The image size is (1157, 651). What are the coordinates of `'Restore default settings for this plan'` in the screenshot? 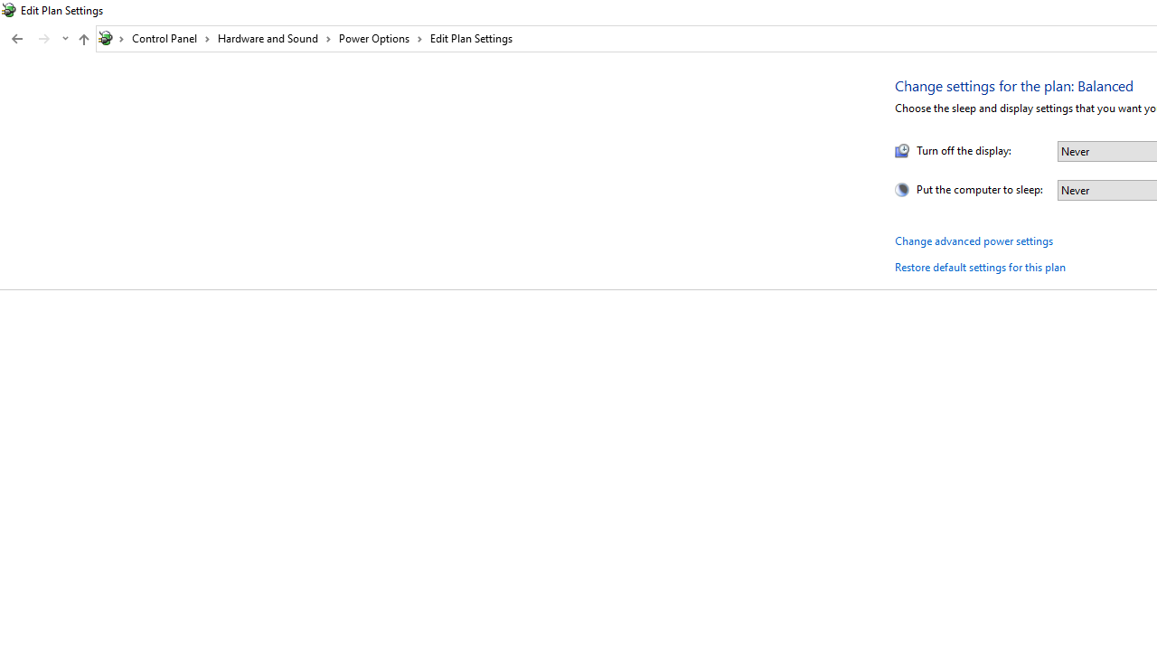 It's located at (979, 267).